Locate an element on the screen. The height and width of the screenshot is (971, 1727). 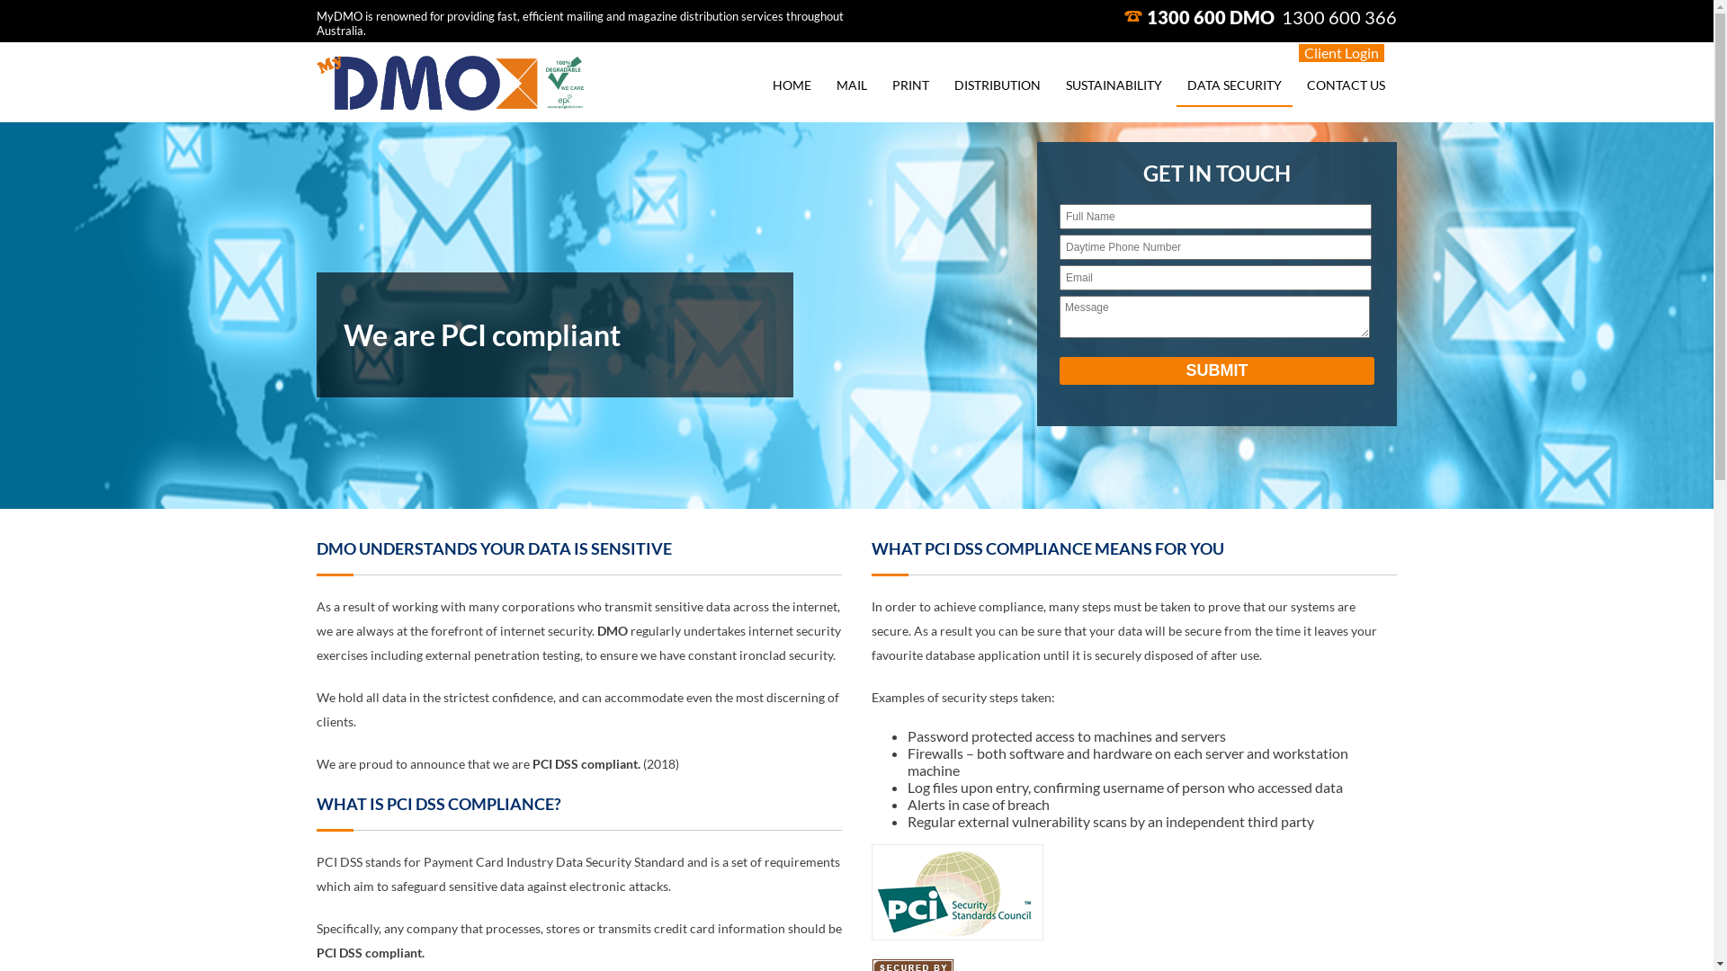
'MAIL' is located at coordinates (850, 85).